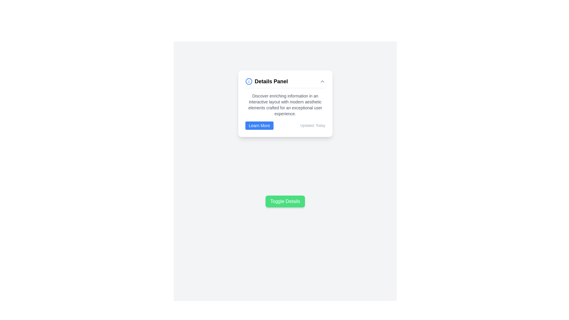 The width and height of the screenshot is (569, 320). I want to click on title text 'Details Panel' which is displayed in a bold and large font at the top center of the content card, next to the information icon, so click(271, 81).